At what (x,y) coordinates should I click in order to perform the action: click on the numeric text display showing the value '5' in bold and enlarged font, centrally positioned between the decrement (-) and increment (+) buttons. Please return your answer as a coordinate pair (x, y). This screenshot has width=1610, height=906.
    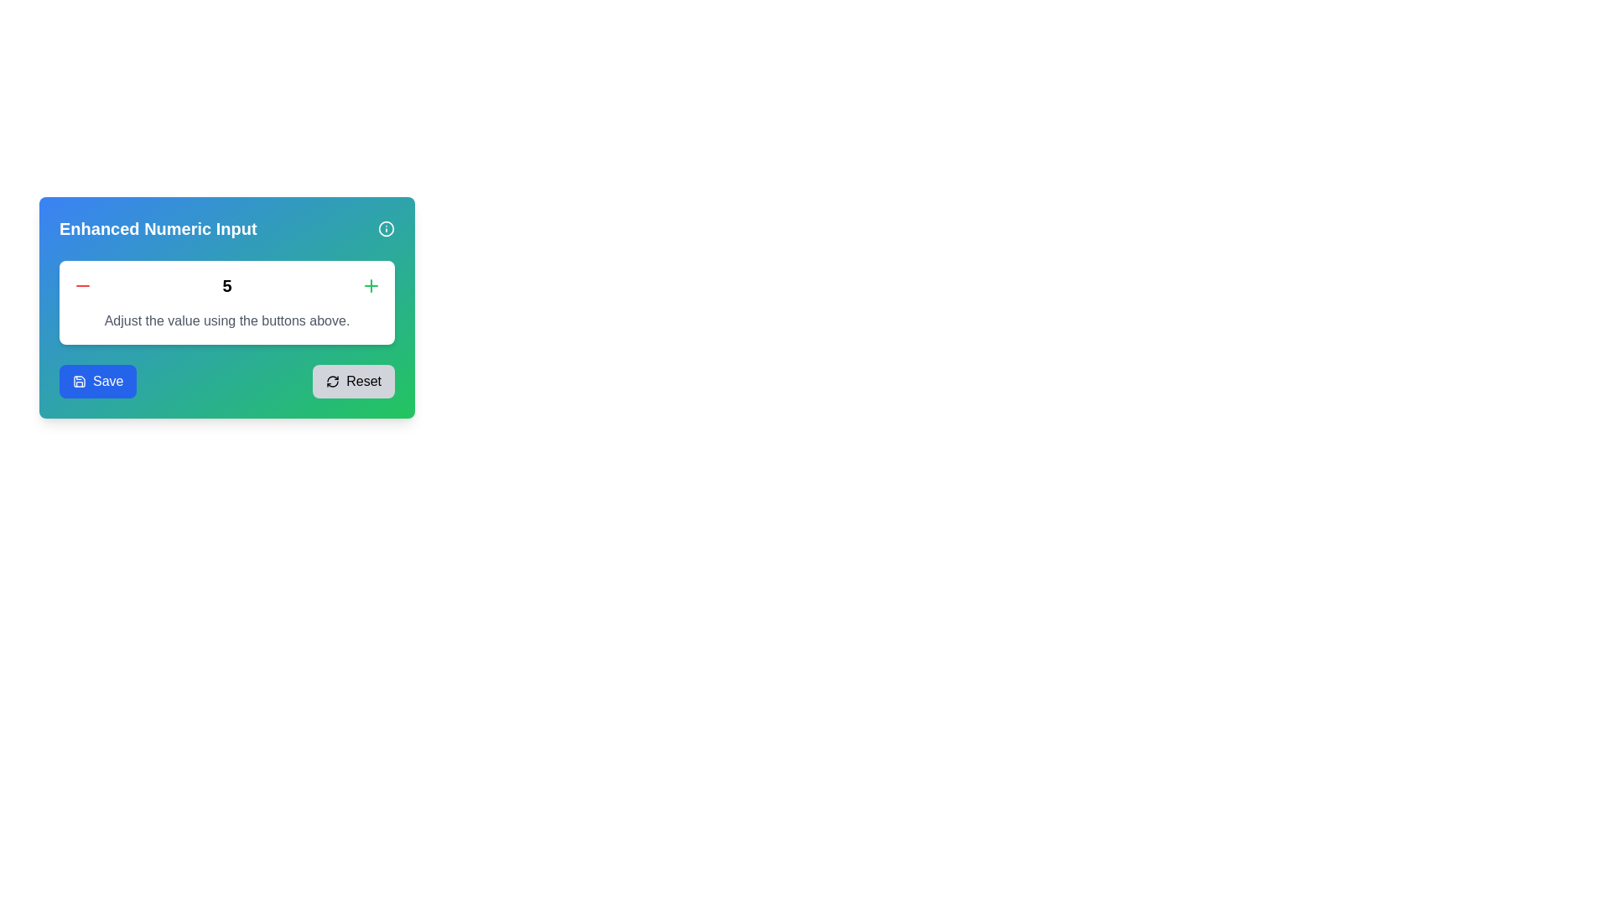
    Looking at the image, I should click on (226, 284).